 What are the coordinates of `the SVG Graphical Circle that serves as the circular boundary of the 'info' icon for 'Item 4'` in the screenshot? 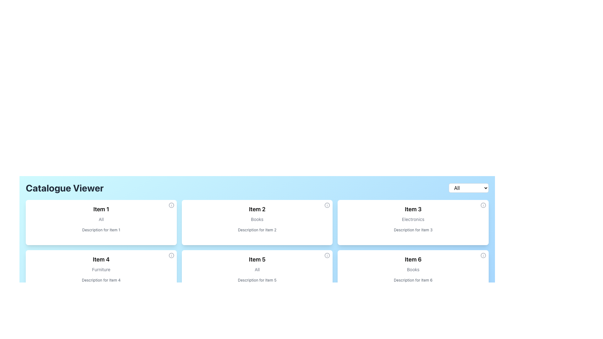 It's located at (171, 255).